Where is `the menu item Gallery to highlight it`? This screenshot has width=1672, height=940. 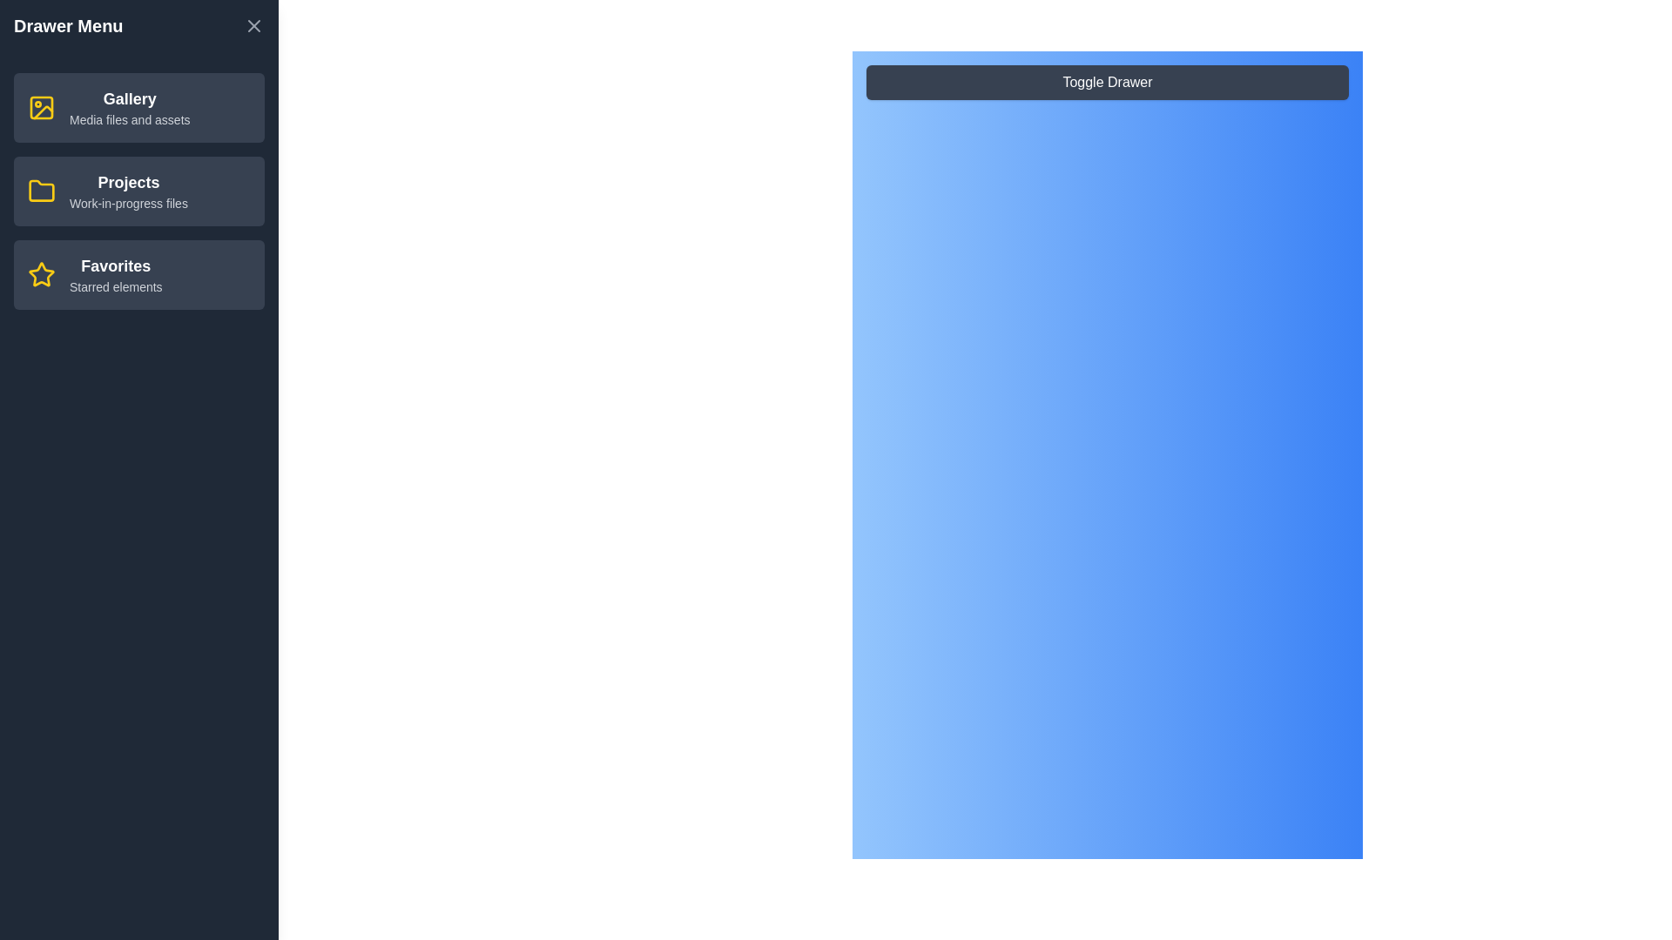
the menu item Gallery to highlight it is located at coordinates (138, 107).